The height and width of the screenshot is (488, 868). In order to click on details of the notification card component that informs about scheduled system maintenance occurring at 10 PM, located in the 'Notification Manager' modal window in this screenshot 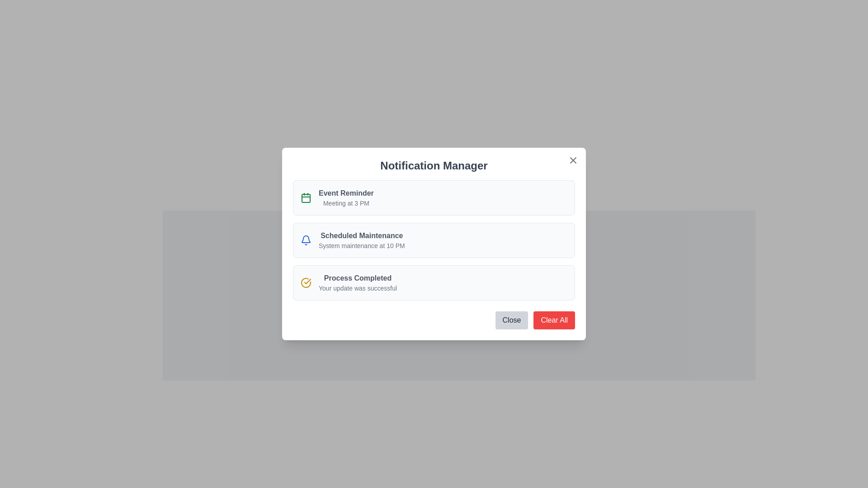, I will do `click(434, 240)`.